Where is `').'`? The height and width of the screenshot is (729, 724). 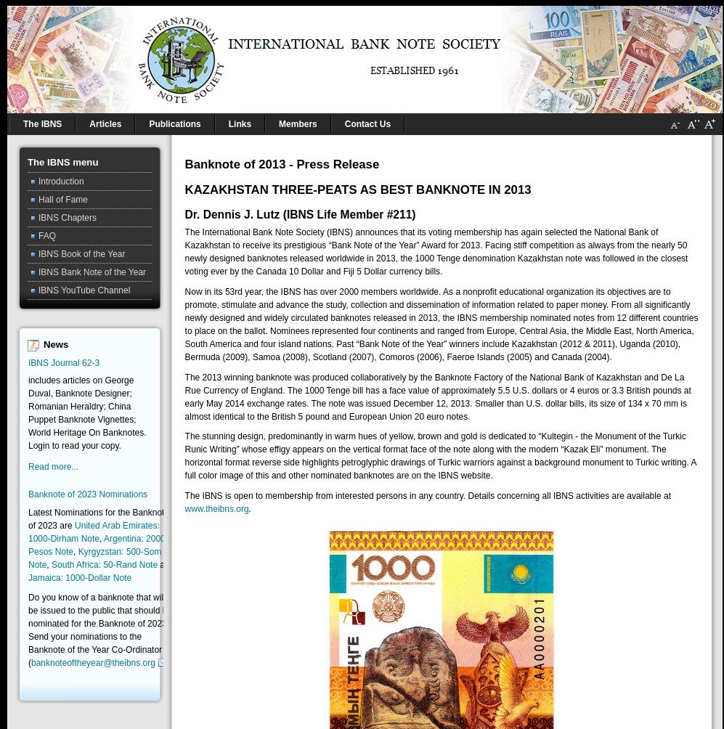
').' is located at coordinates (171, 662).